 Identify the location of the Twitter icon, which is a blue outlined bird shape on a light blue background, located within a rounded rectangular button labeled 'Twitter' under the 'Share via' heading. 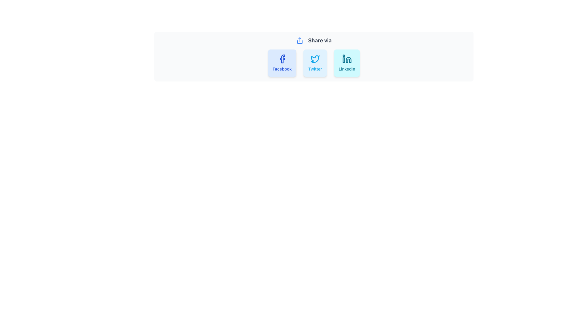
(315, 59).